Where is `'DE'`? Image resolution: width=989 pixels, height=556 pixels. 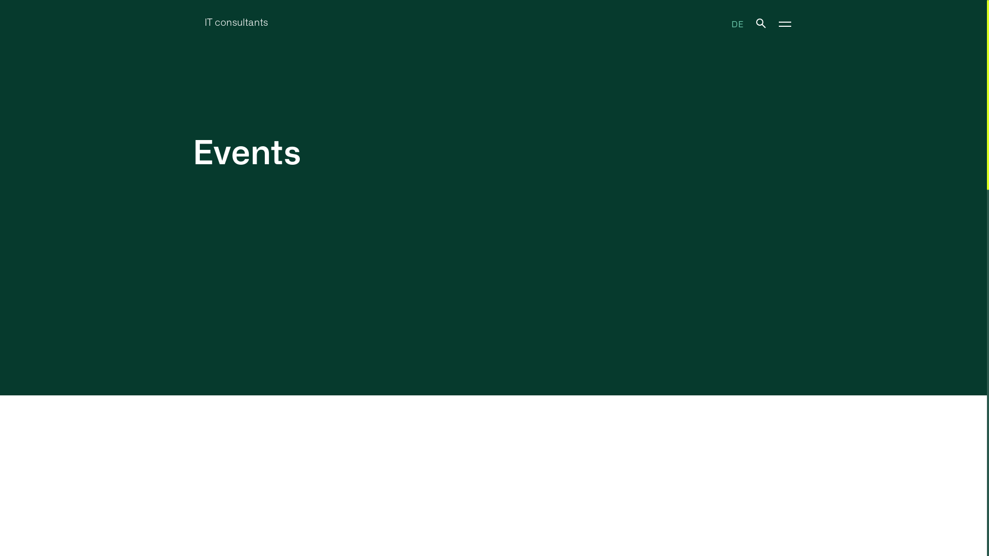 'DE' is located at coordinates (737, 23).